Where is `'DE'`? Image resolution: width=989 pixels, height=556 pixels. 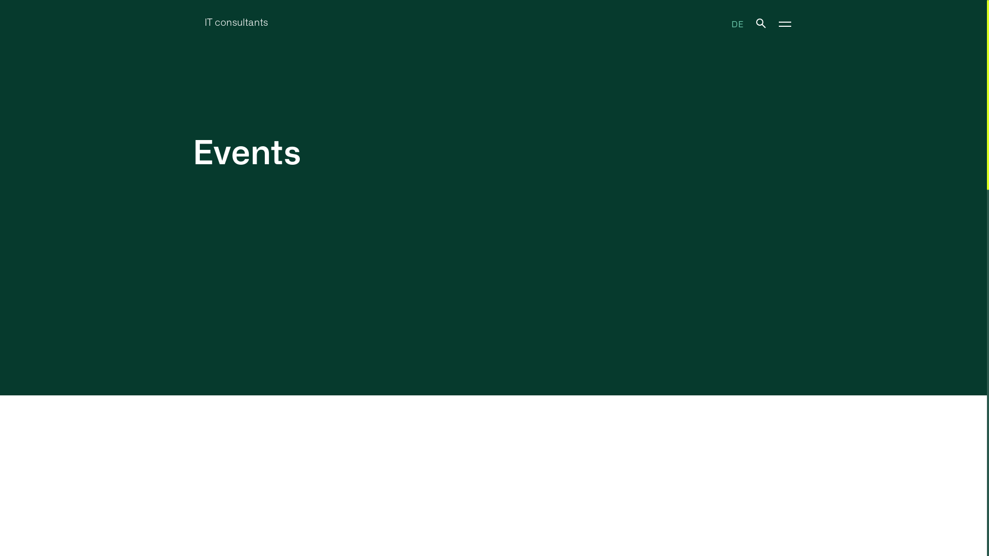 'DE' is located at coordinates (737, 23).